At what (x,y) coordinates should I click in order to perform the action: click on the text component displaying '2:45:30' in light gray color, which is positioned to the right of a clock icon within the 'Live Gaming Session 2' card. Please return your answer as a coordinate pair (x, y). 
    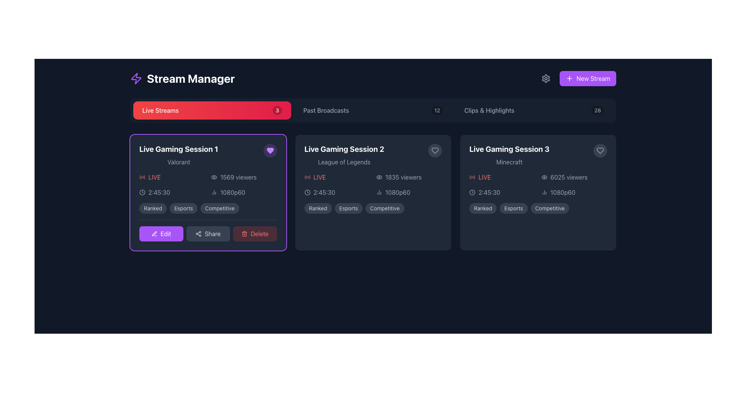
    Looking at the image, I should click on (324, 192).